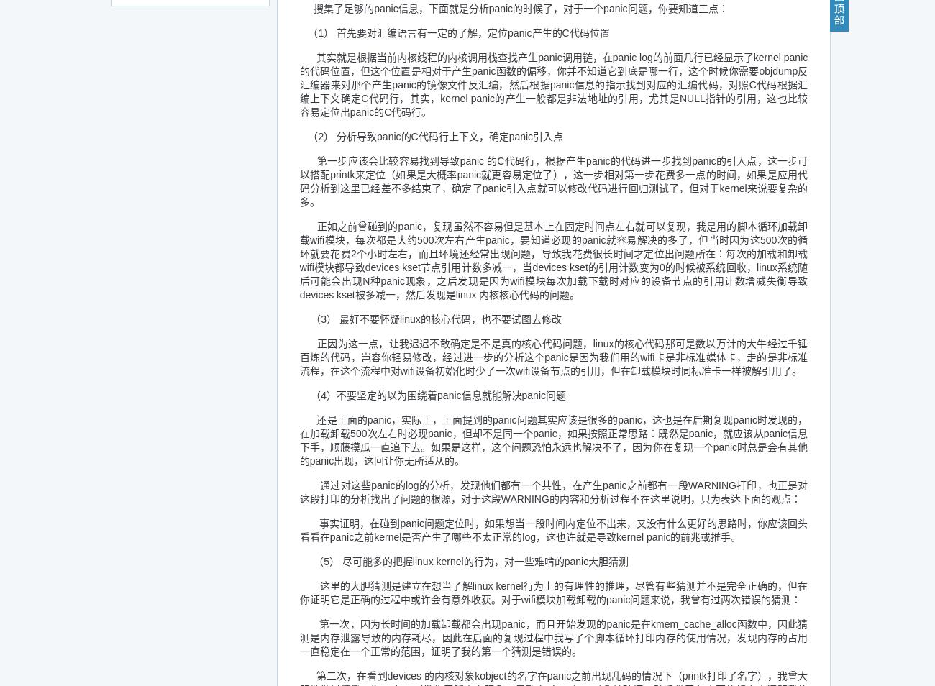 The width and height of the screenshot is (935, 686). What do you see at coordinates (552, 84) in the screenshot?
I see `'其实就是根据当前内核线程的内核调用栈查找产生panic调用链，在panic log的前面几行已经显示了kernel panic的代码位置，但这个位置是相对于产生panic函数的偏移，你并不知道它到底是哪一行，这个时候你需要objdump反汇编器来对那个产生panic的镜像文件反汇编，然后根据panic信息的指示找到对应的汇编代码，对照C代码根据汇编上下文确定C代码行，其实，kernel panic的产生一般都是非法地址的引用，尤其是NULL指针的引用，这也比较容易定位出panic的C代码行。'` at bounding box center [552, 84].